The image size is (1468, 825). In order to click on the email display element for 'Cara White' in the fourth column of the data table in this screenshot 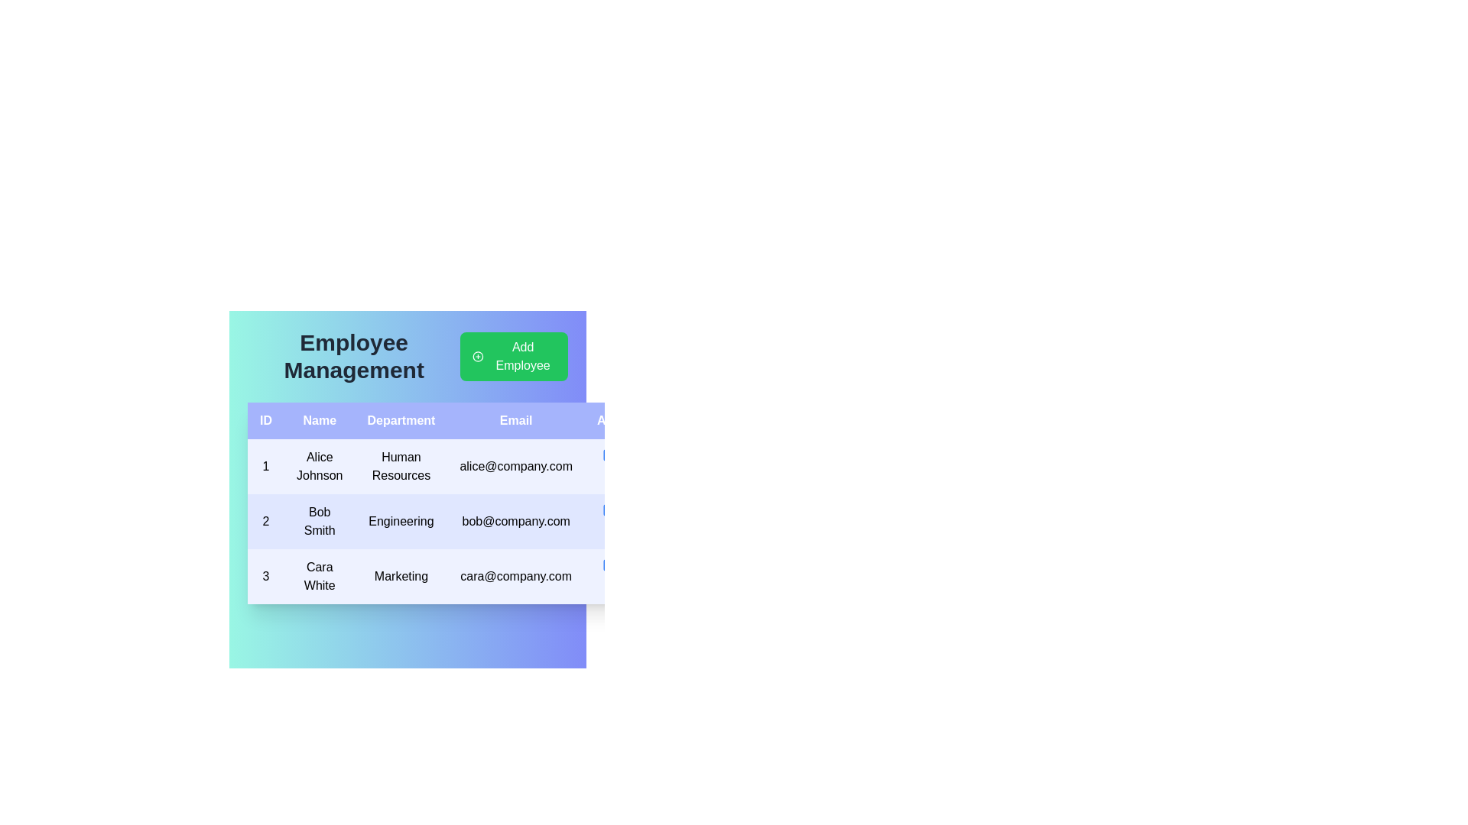, I will do `click(516, 577)`.